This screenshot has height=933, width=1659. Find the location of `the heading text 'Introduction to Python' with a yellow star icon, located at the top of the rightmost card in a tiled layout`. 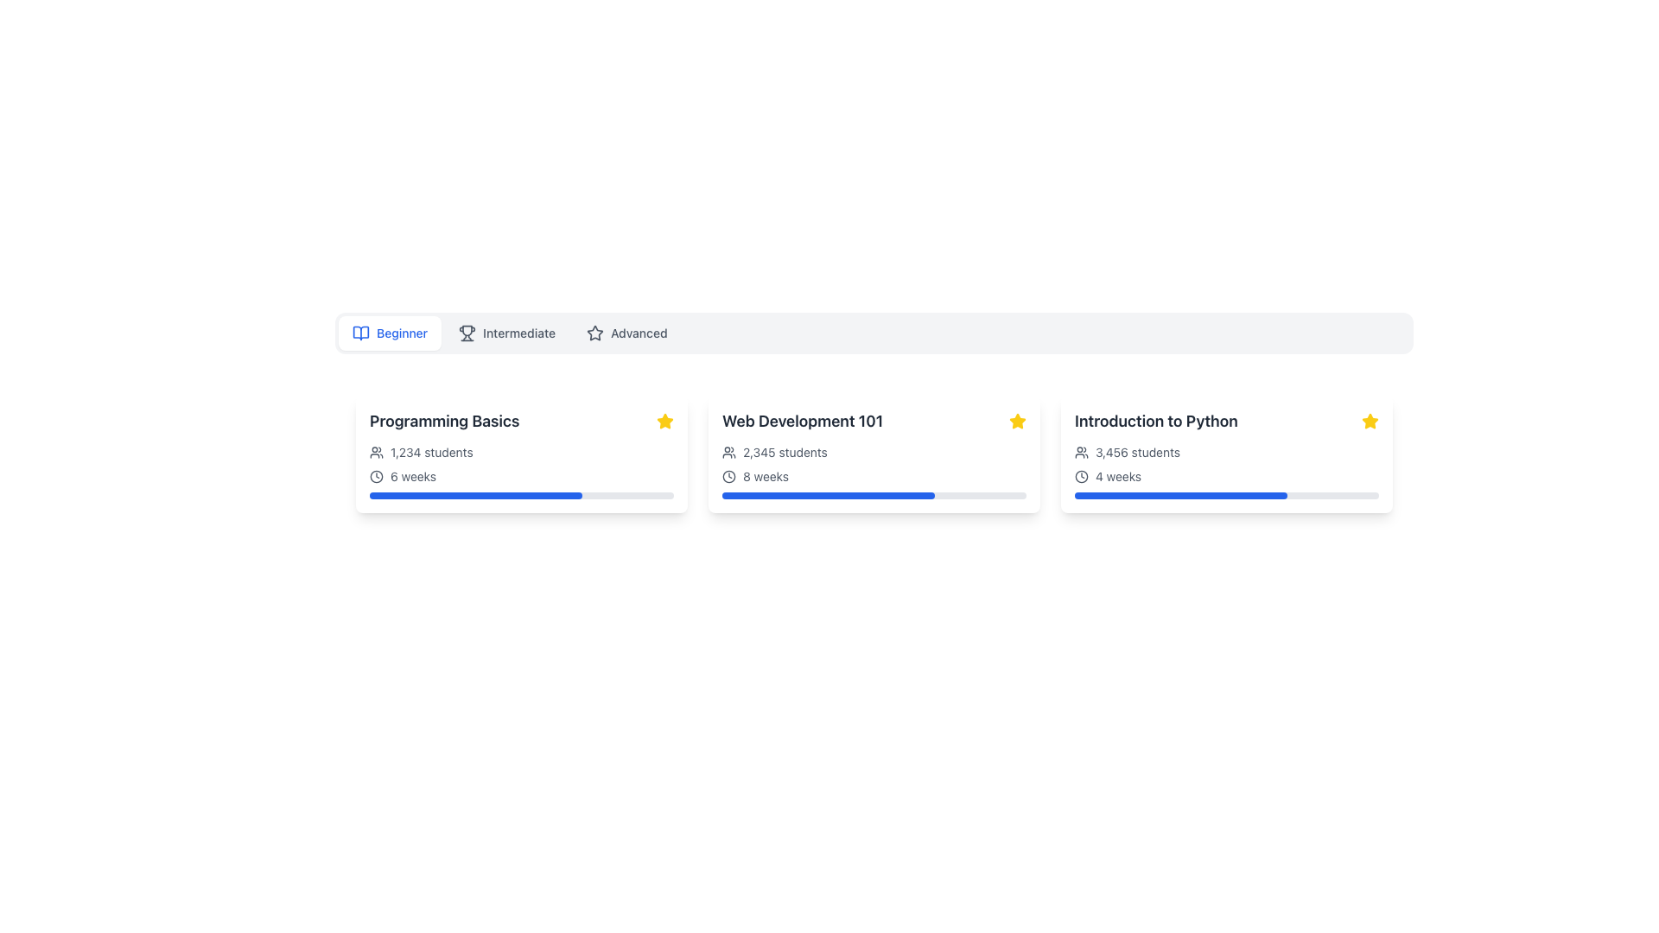

the heading text 'Introduction to Python' with a yellow star icon, located at the top of the rightmost card in a tiled layout is located at coordinates (1226, 422).